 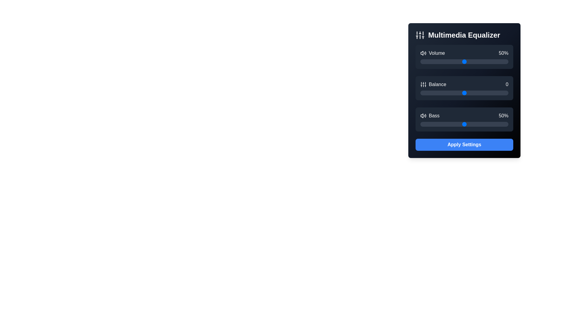 I want to click on the volume level, so click(x=431, y=61).